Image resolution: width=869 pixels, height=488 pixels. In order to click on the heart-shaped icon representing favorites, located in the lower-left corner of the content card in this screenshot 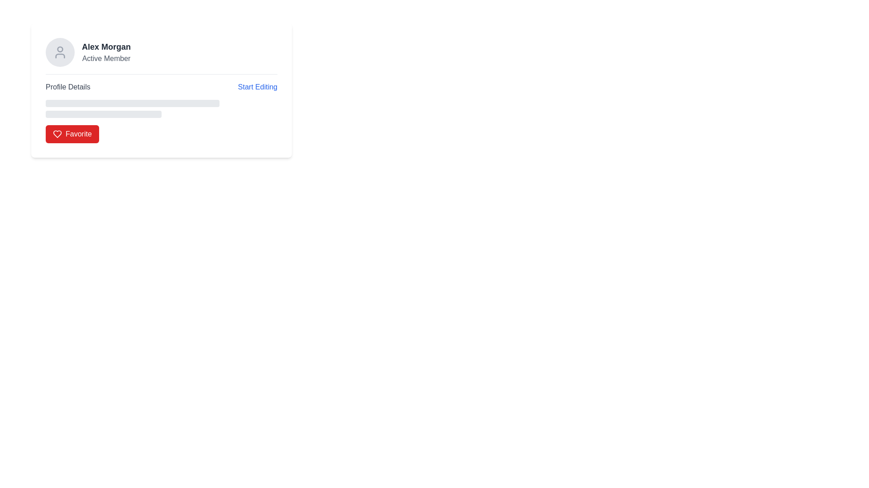, I will do `click(57, 134)`.